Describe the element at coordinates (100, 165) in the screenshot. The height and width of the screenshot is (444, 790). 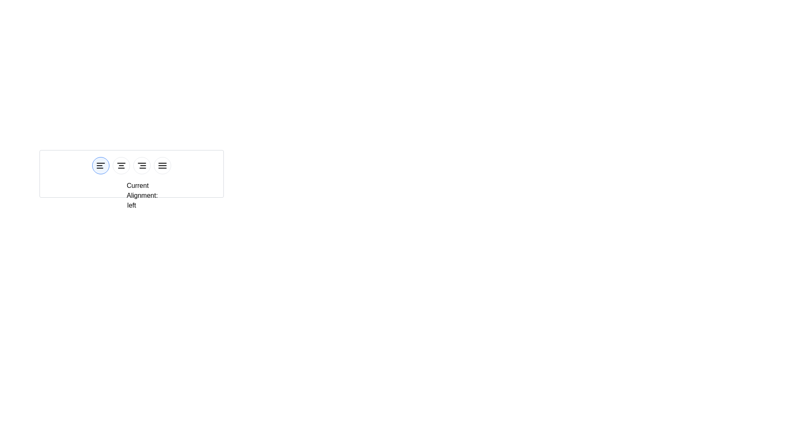
I see `the button corresponding to left alignment` at that location.